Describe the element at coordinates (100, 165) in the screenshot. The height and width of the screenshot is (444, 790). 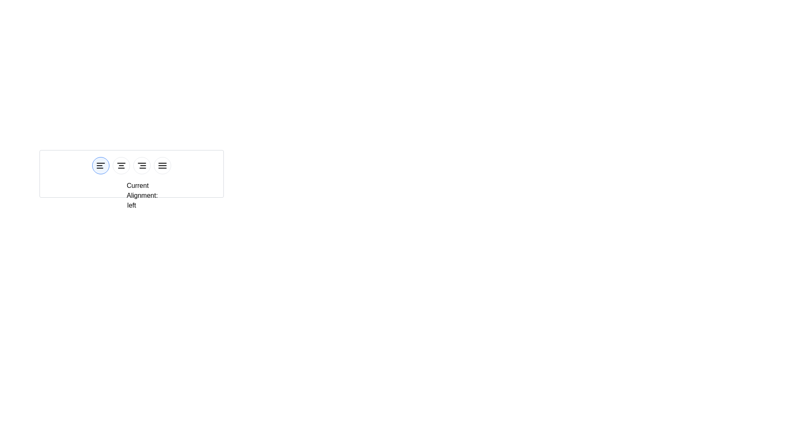
I see `the button corresponding to left alignment` at that location.